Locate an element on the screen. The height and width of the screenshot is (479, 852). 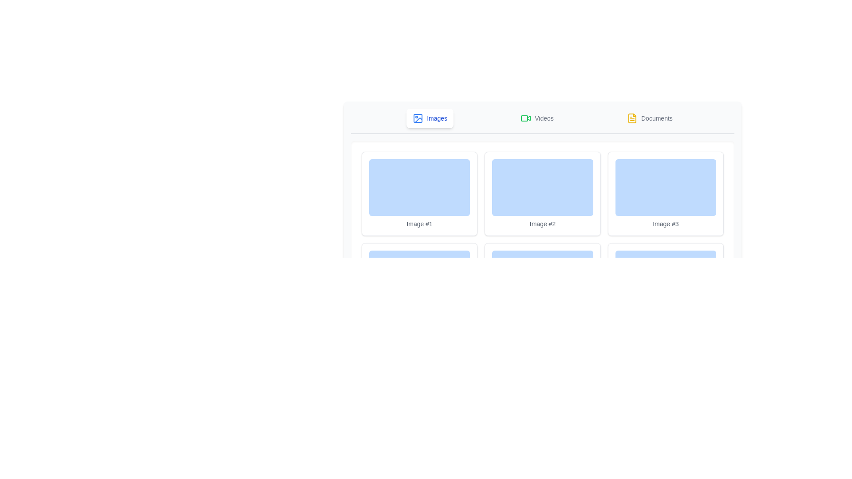
the 'Images' label in the navigation menu, which indicates the current active view or a clickable target to switch views is located at coordinates (437, 118).